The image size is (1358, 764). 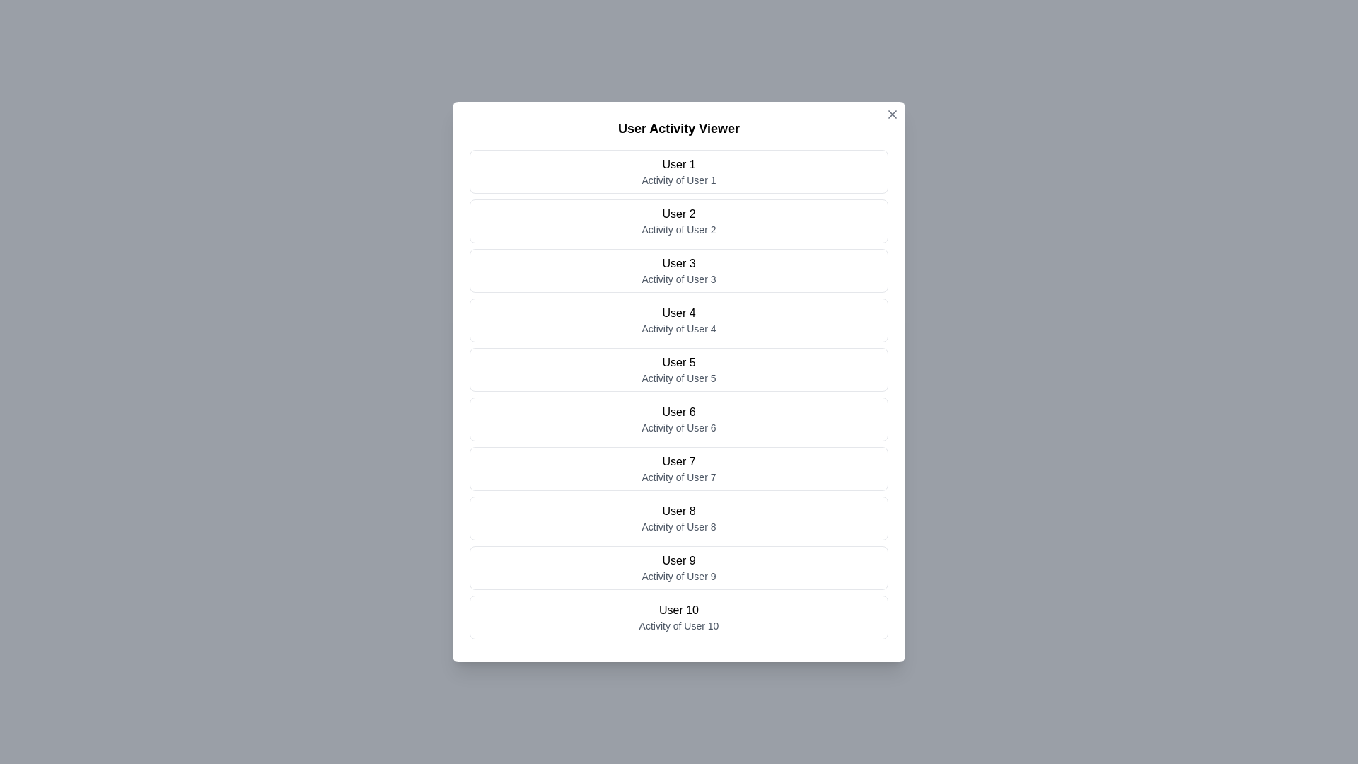 I want to click on the close button located at the top-right corner of the dialog, so click(x=892, y=114).